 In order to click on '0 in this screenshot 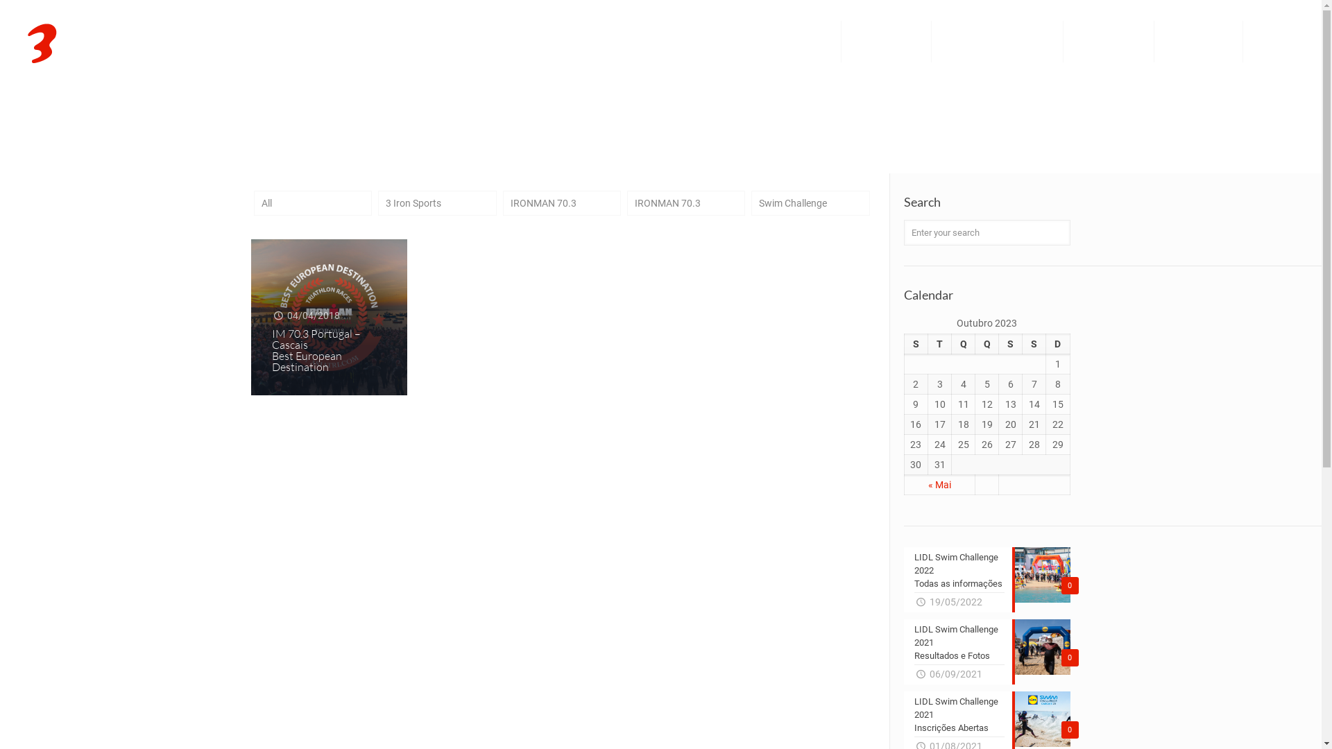, I will do `click(903, 652)`.